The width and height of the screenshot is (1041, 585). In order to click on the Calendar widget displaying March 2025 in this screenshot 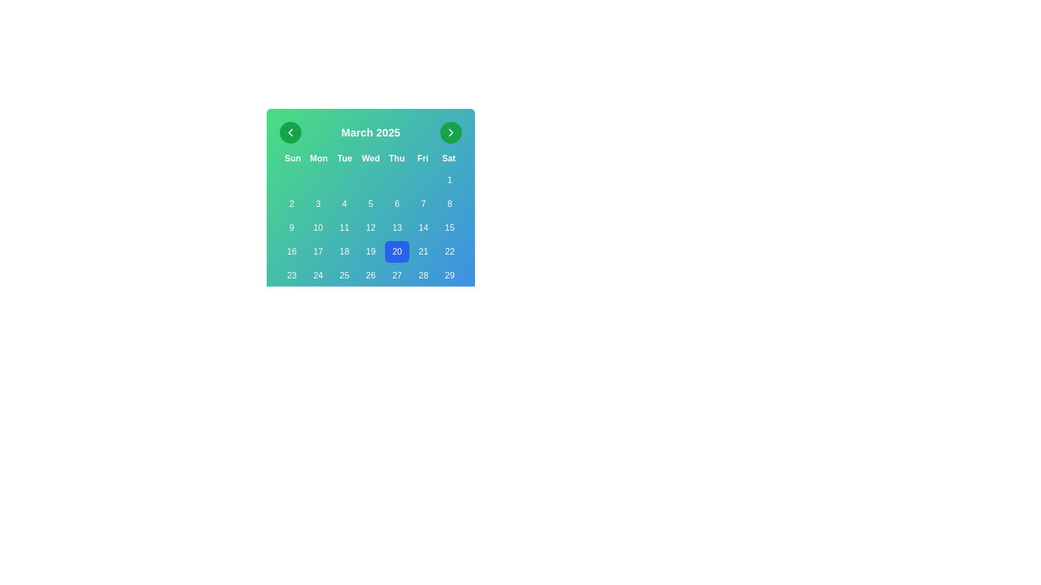, I will do `click(371, 235)`.